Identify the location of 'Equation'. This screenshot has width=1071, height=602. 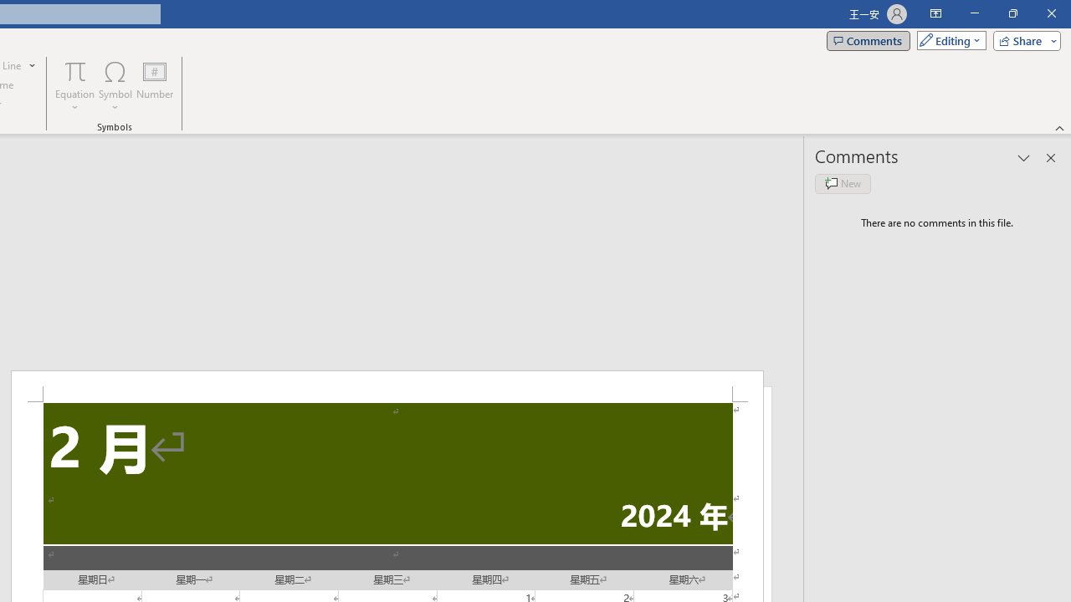
(74, 86).